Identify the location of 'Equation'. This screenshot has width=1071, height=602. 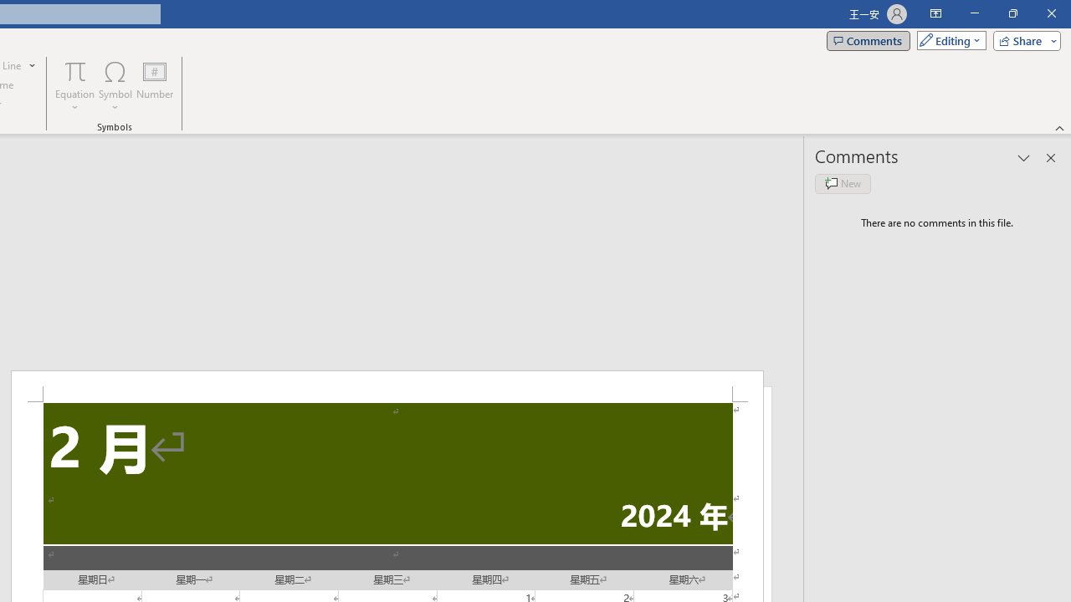
(74, 86).